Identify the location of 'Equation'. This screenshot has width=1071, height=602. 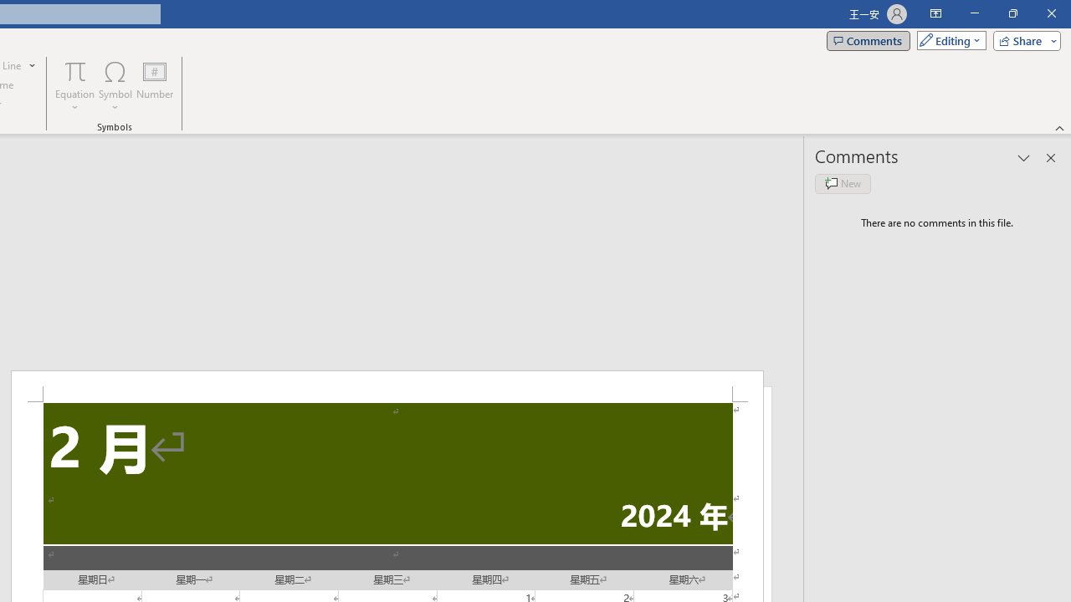
(74, 86).